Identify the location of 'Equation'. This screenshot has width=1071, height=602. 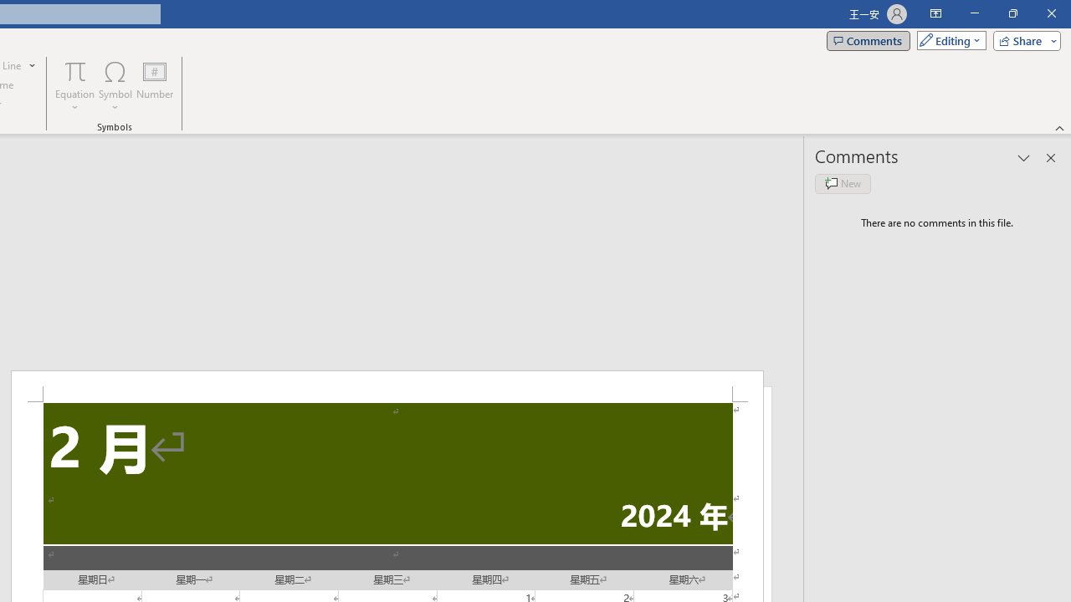
(74, 86).